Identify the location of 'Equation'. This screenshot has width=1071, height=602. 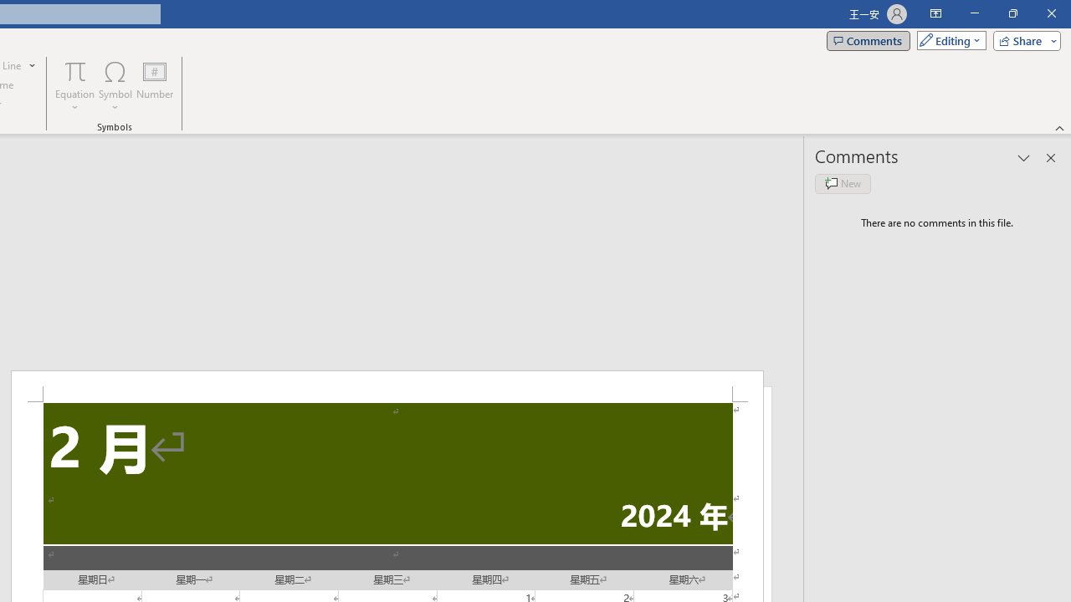
(74, 86).